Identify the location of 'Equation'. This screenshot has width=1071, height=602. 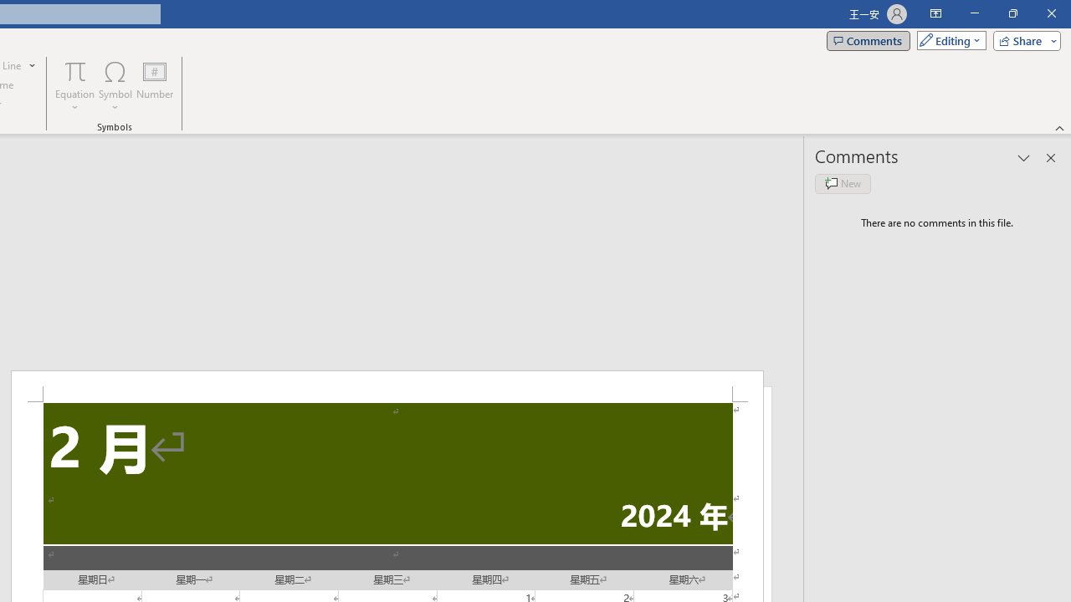
(74, 86).